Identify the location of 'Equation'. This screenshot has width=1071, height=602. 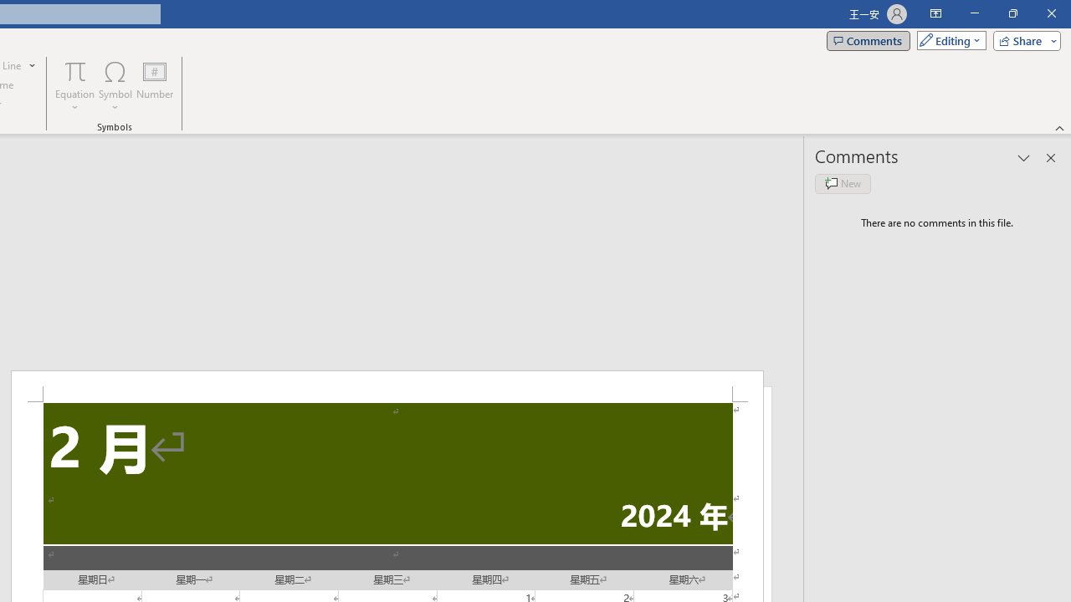
(74, 86).